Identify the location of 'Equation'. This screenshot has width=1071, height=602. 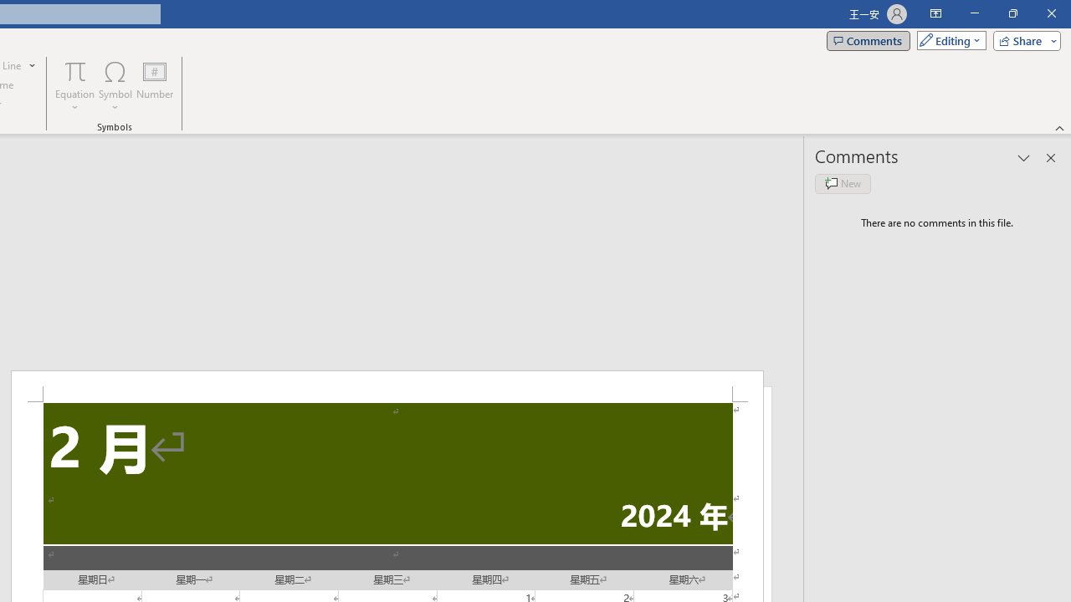
(74, 86).